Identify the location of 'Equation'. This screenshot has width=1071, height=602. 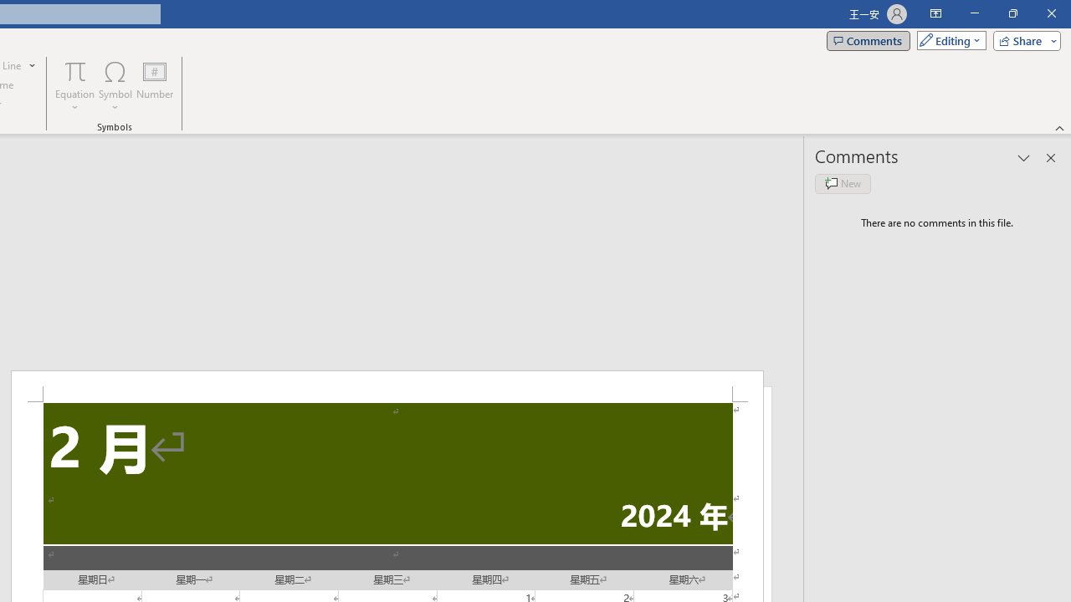
(74, 86).